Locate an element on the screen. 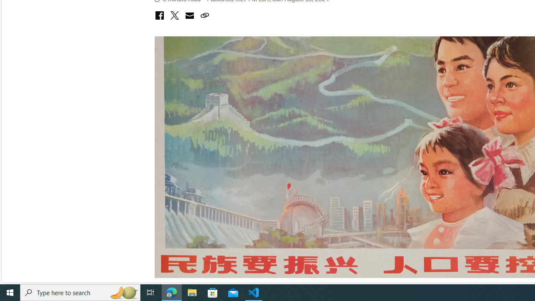 The width and height of the screenshot is (535, 301). 'share with email' is located at coordinates (189, 16).